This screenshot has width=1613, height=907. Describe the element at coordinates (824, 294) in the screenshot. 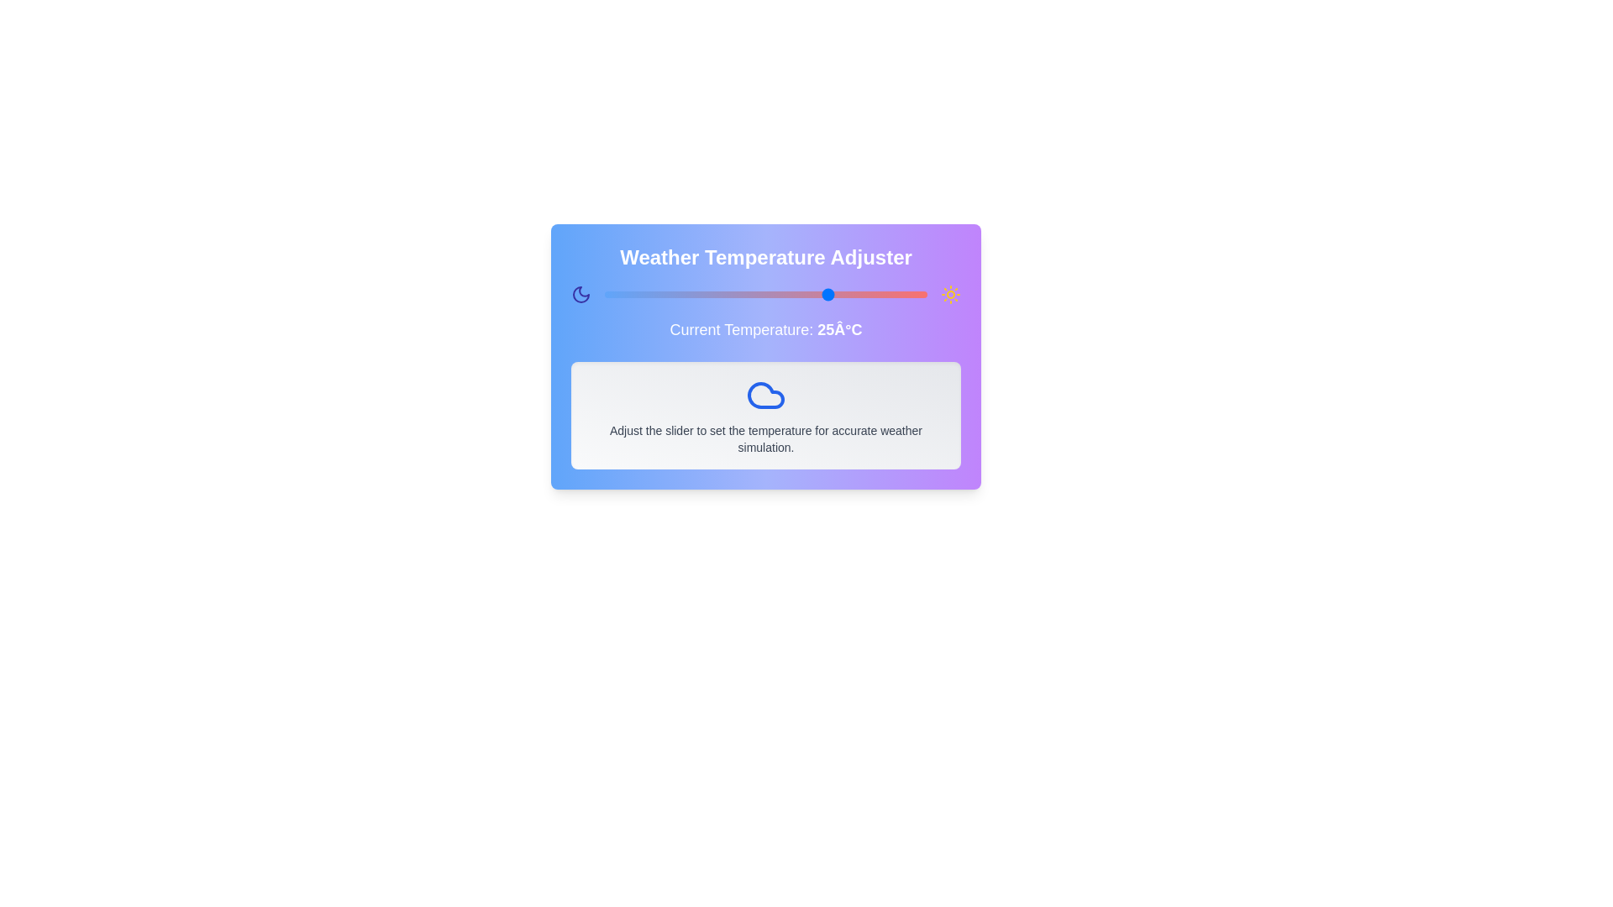

I see `the temperature slider to set the temperature to 24 degrees Celsius` at that location.